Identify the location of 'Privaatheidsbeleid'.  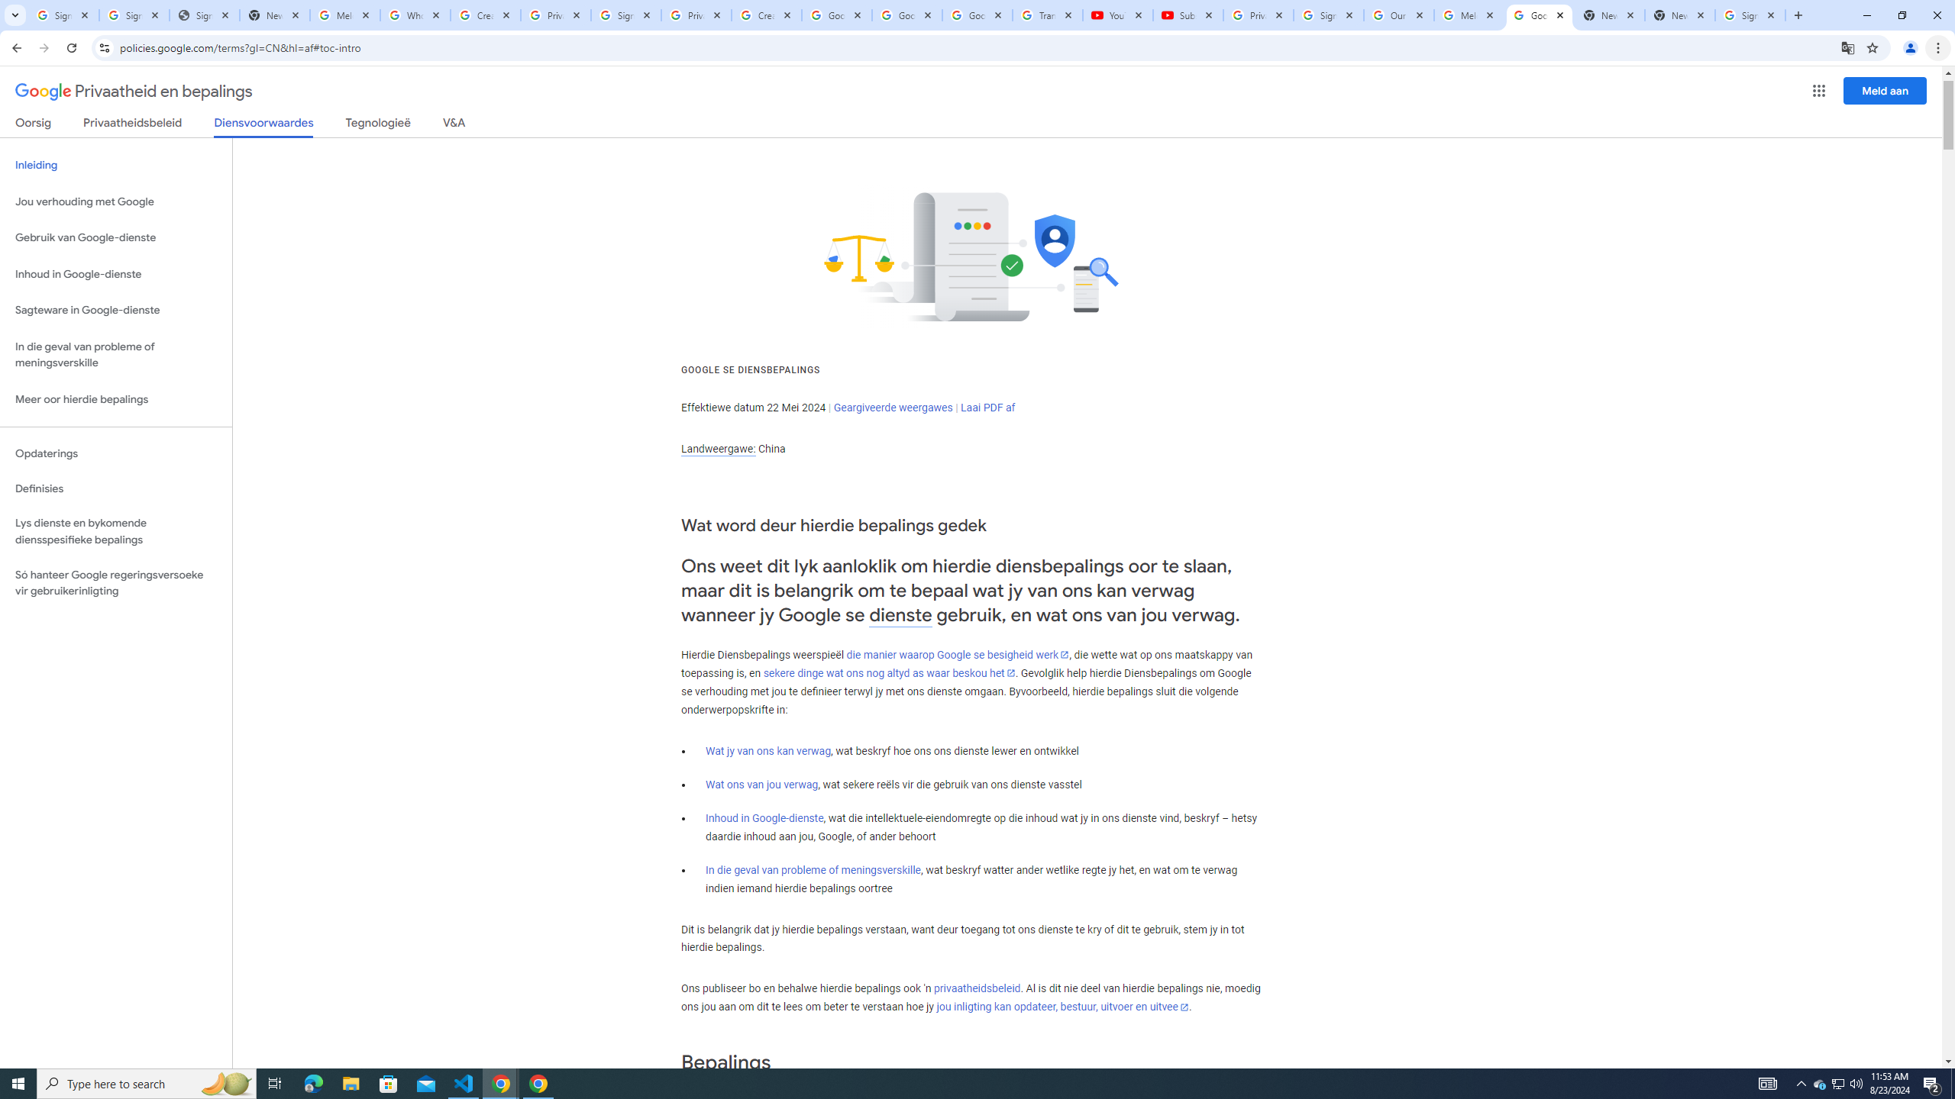
(133, 125).